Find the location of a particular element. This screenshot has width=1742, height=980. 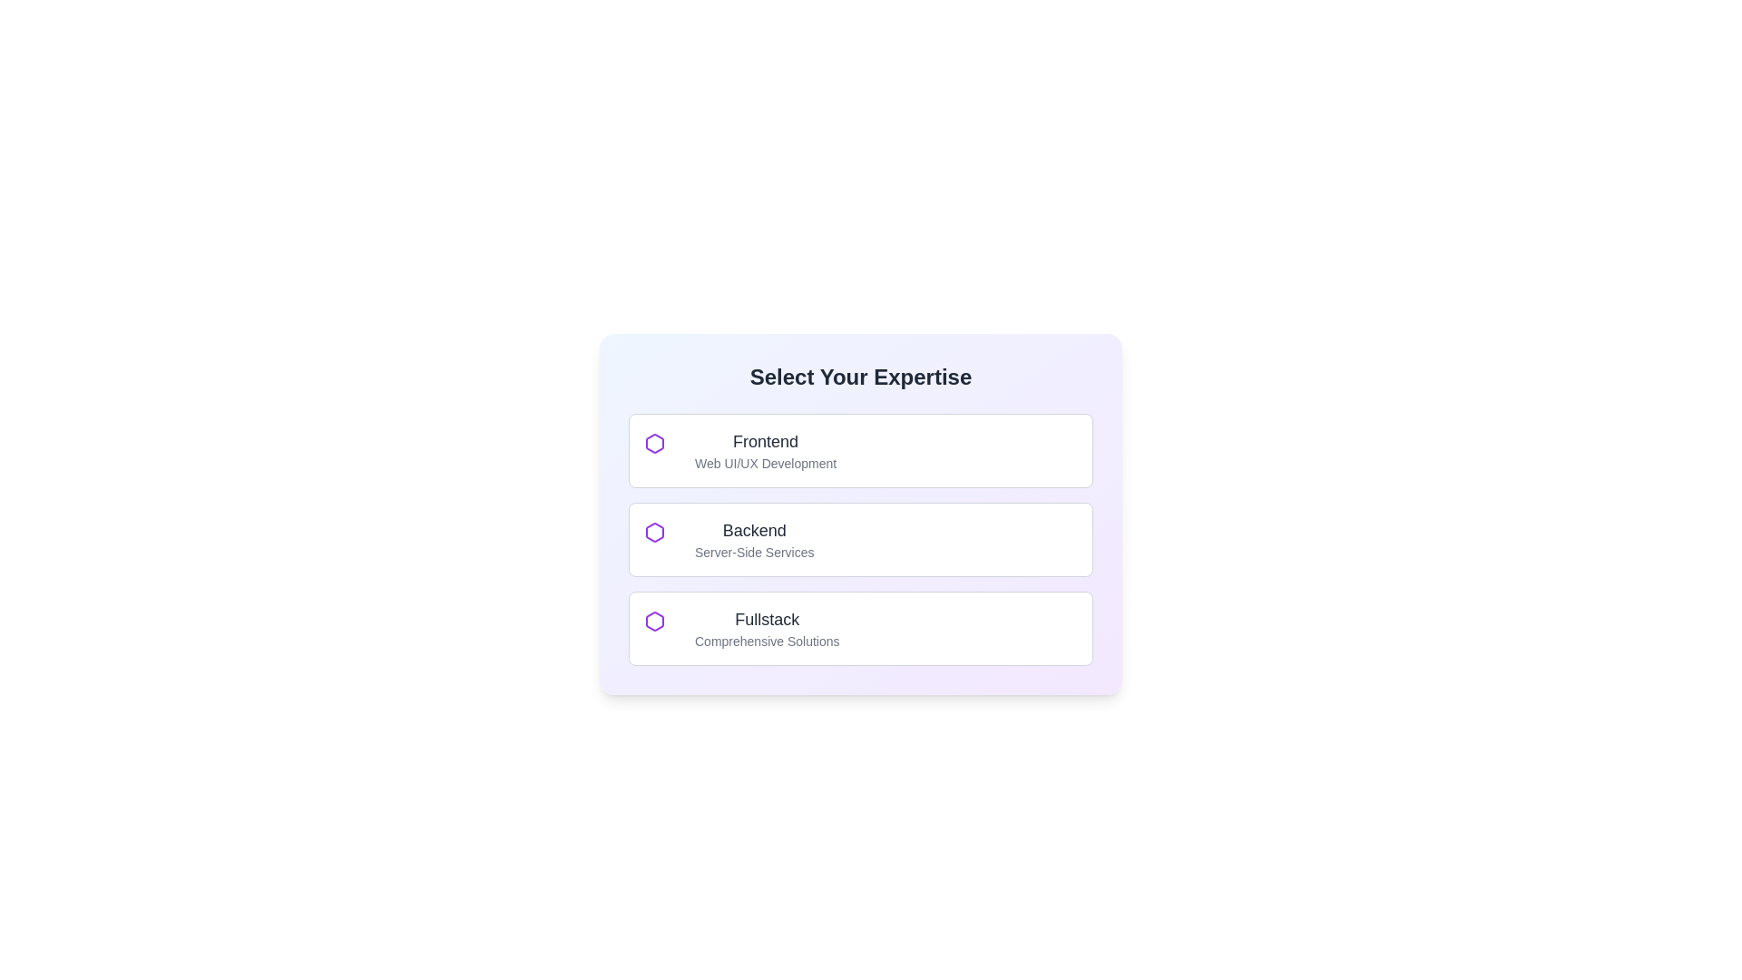

the design of the hexagonal icon with a purple border located to the left of the text 'Backend' on the panel titled 'Select Your Expertise' is located at coordinates (653, 531).